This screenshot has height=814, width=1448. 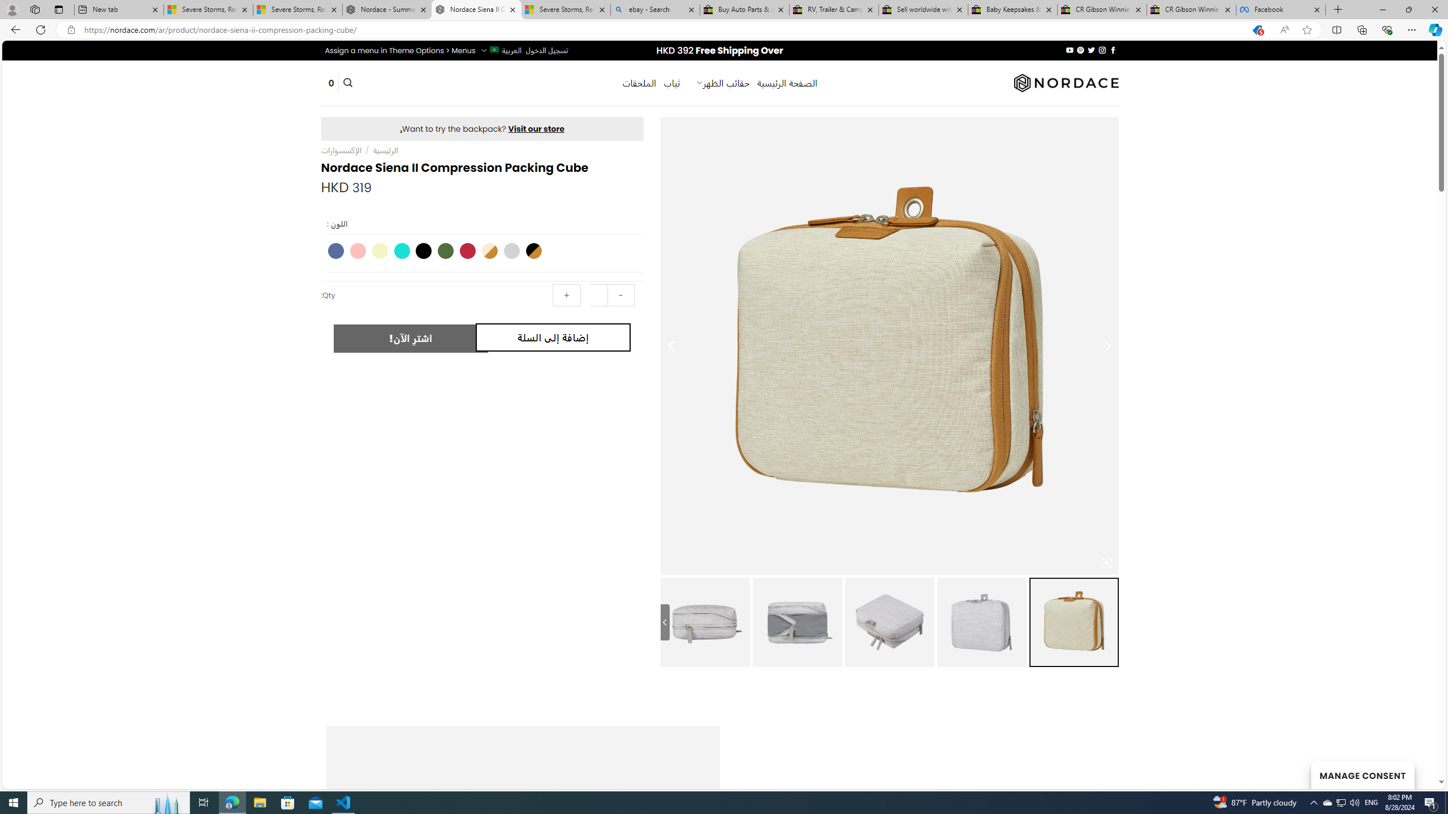 What do you see at coordinates (1106, 562) in the screenshot?
I see `'Class: iconic-woothumbs-fullscreen'` at bounding box center [1106, 562].